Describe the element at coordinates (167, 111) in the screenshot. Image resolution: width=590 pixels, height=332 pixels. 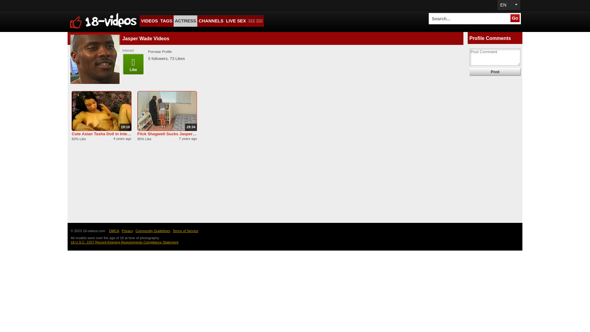
I see `'28:34'` at that location.